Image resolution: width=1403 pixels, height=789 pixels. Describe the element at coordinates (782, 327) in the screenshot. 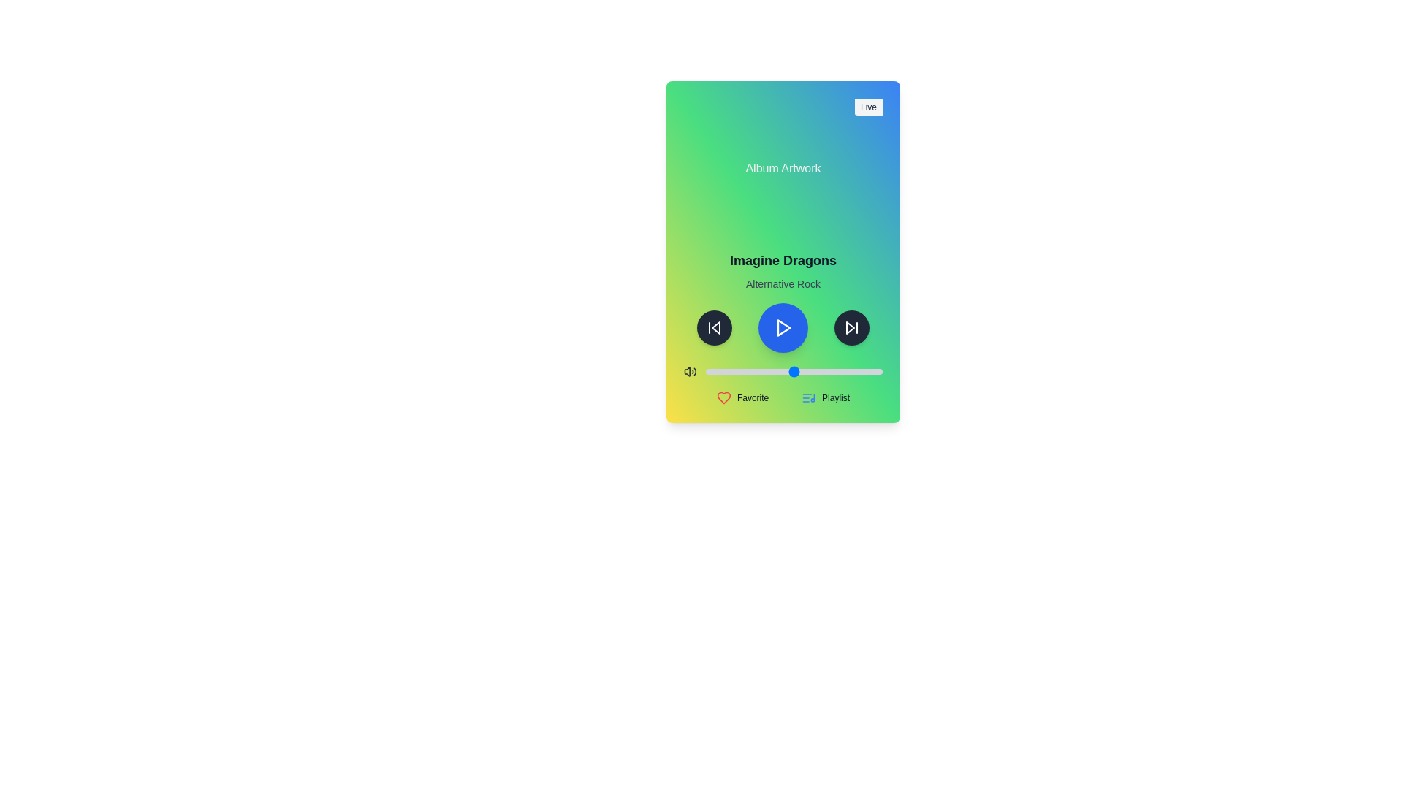

I see `the circular blue button with a white border and play icon to scale it up` at that location.